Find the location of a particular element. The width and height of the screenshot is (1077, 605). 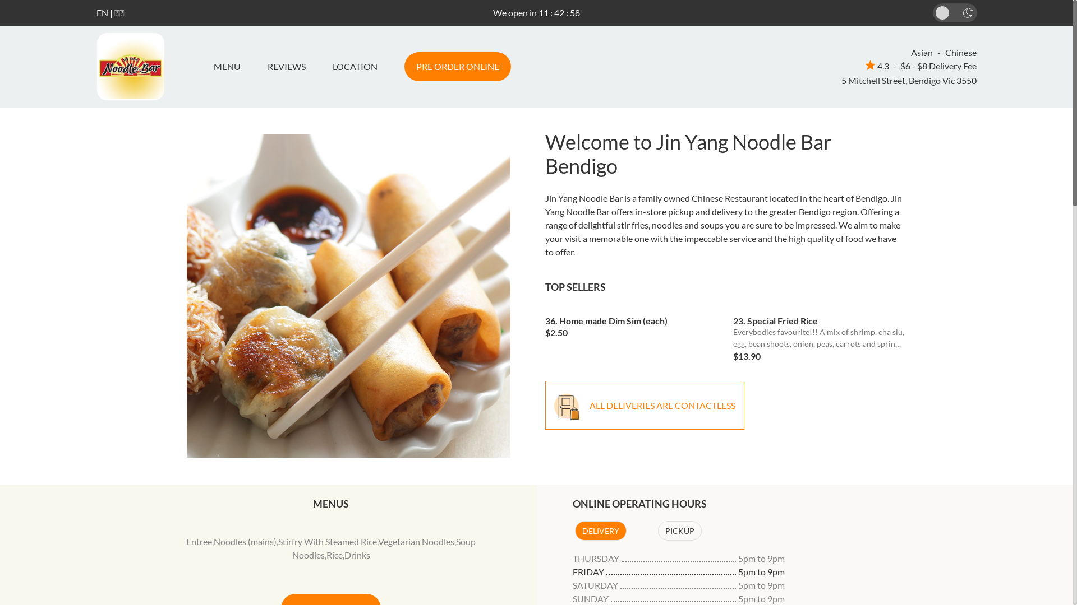

'Vegetarian Noodles' is located at coordinates (416, 541).